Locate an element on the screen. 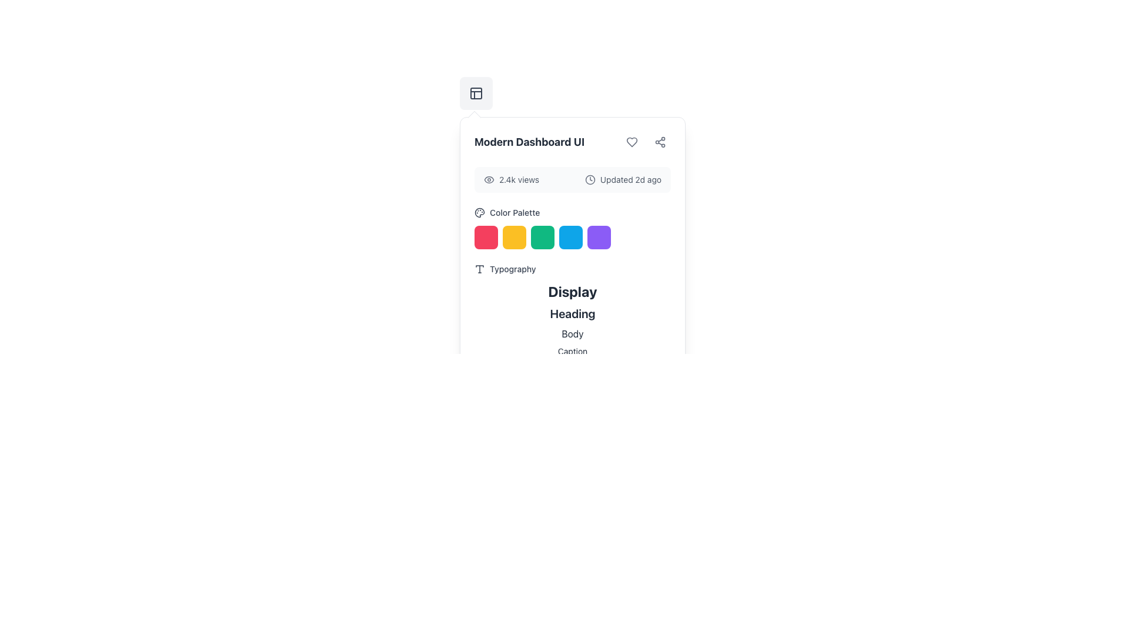 The width and height of the screenshot is (1129, 635). the Text group that demonstrates typography styles, located in the lower portion of the card layout, centered horizontally beneath the 'Typography' header is located at coordinates (573, 319).